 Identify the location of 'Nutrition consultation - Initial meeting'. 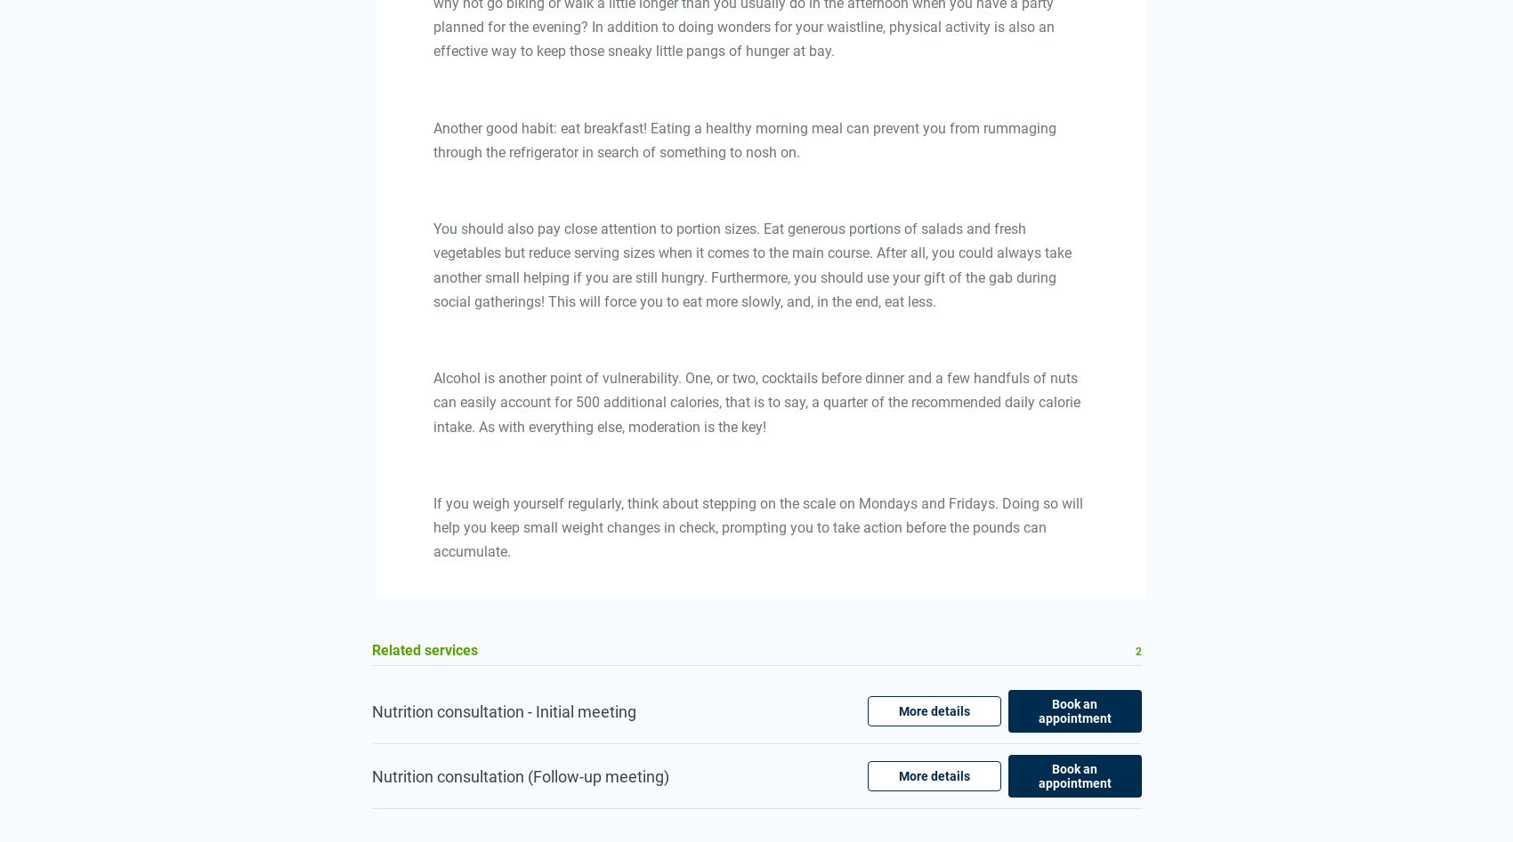
(502, 710).